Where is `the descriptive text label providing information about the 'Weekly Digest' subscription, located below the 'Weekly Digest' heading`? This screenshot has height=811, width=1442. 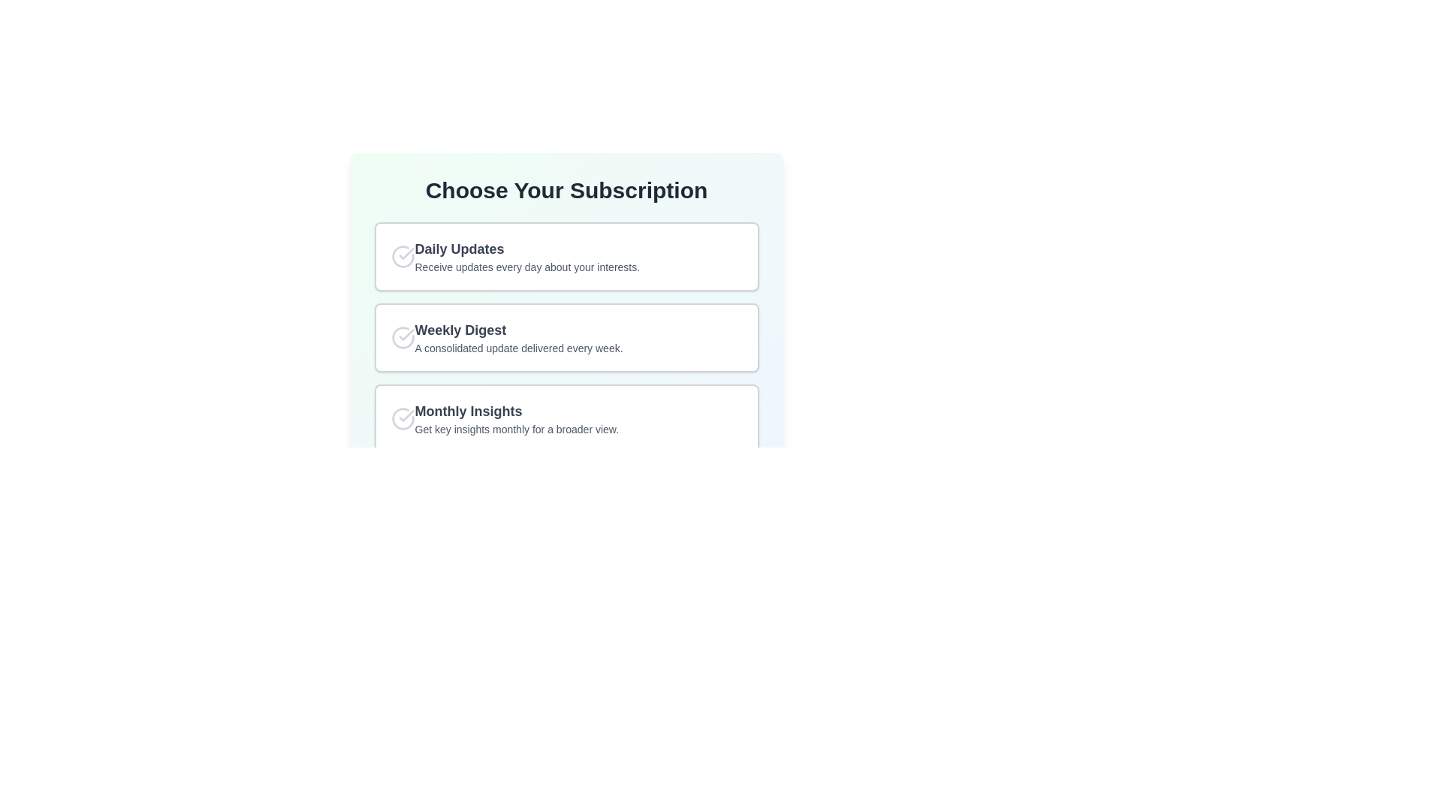
the descriptive text label providing information about the 'Weekly Digest' subscription, located below the 'Weekly Digest' heading is located at coordinates (519, 348).